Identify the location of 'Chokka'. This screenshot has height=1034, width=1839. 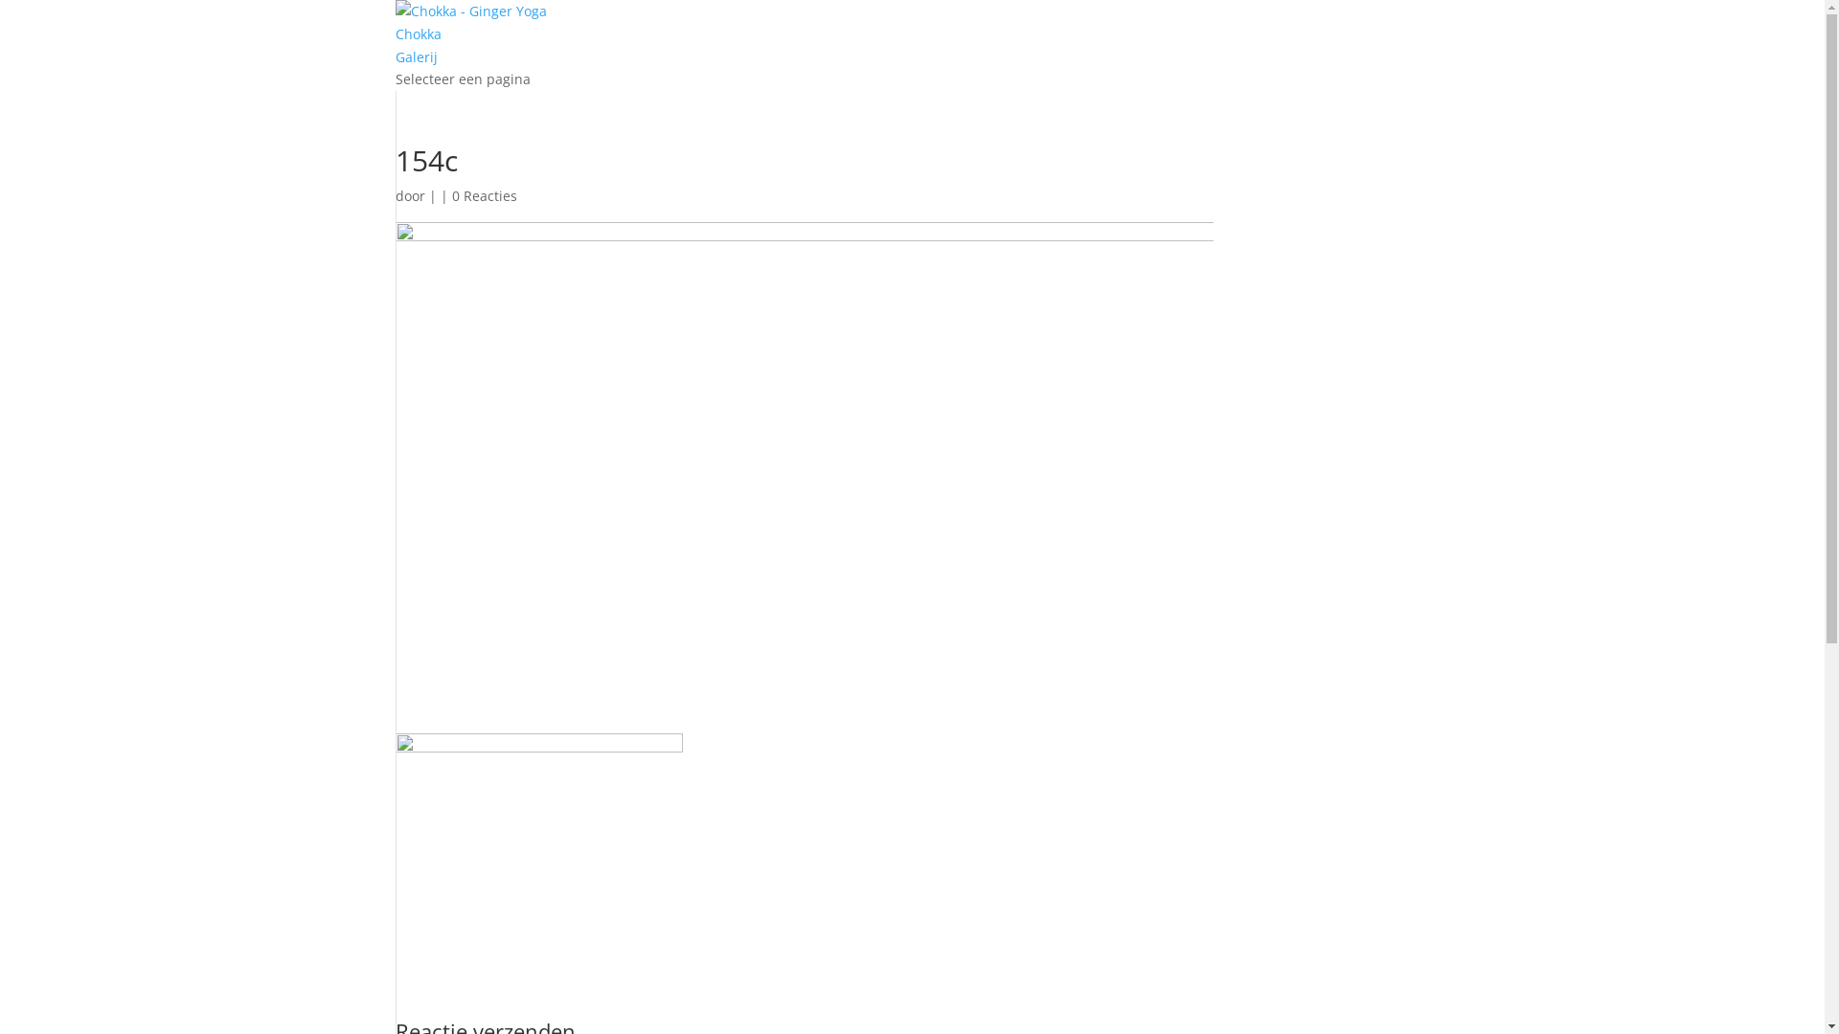
(394, 34).